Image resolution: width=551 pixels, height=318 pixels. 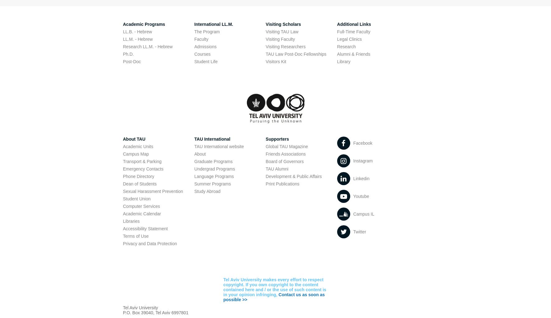 I want to click on 'Twitter', so click(x=359, y=231).